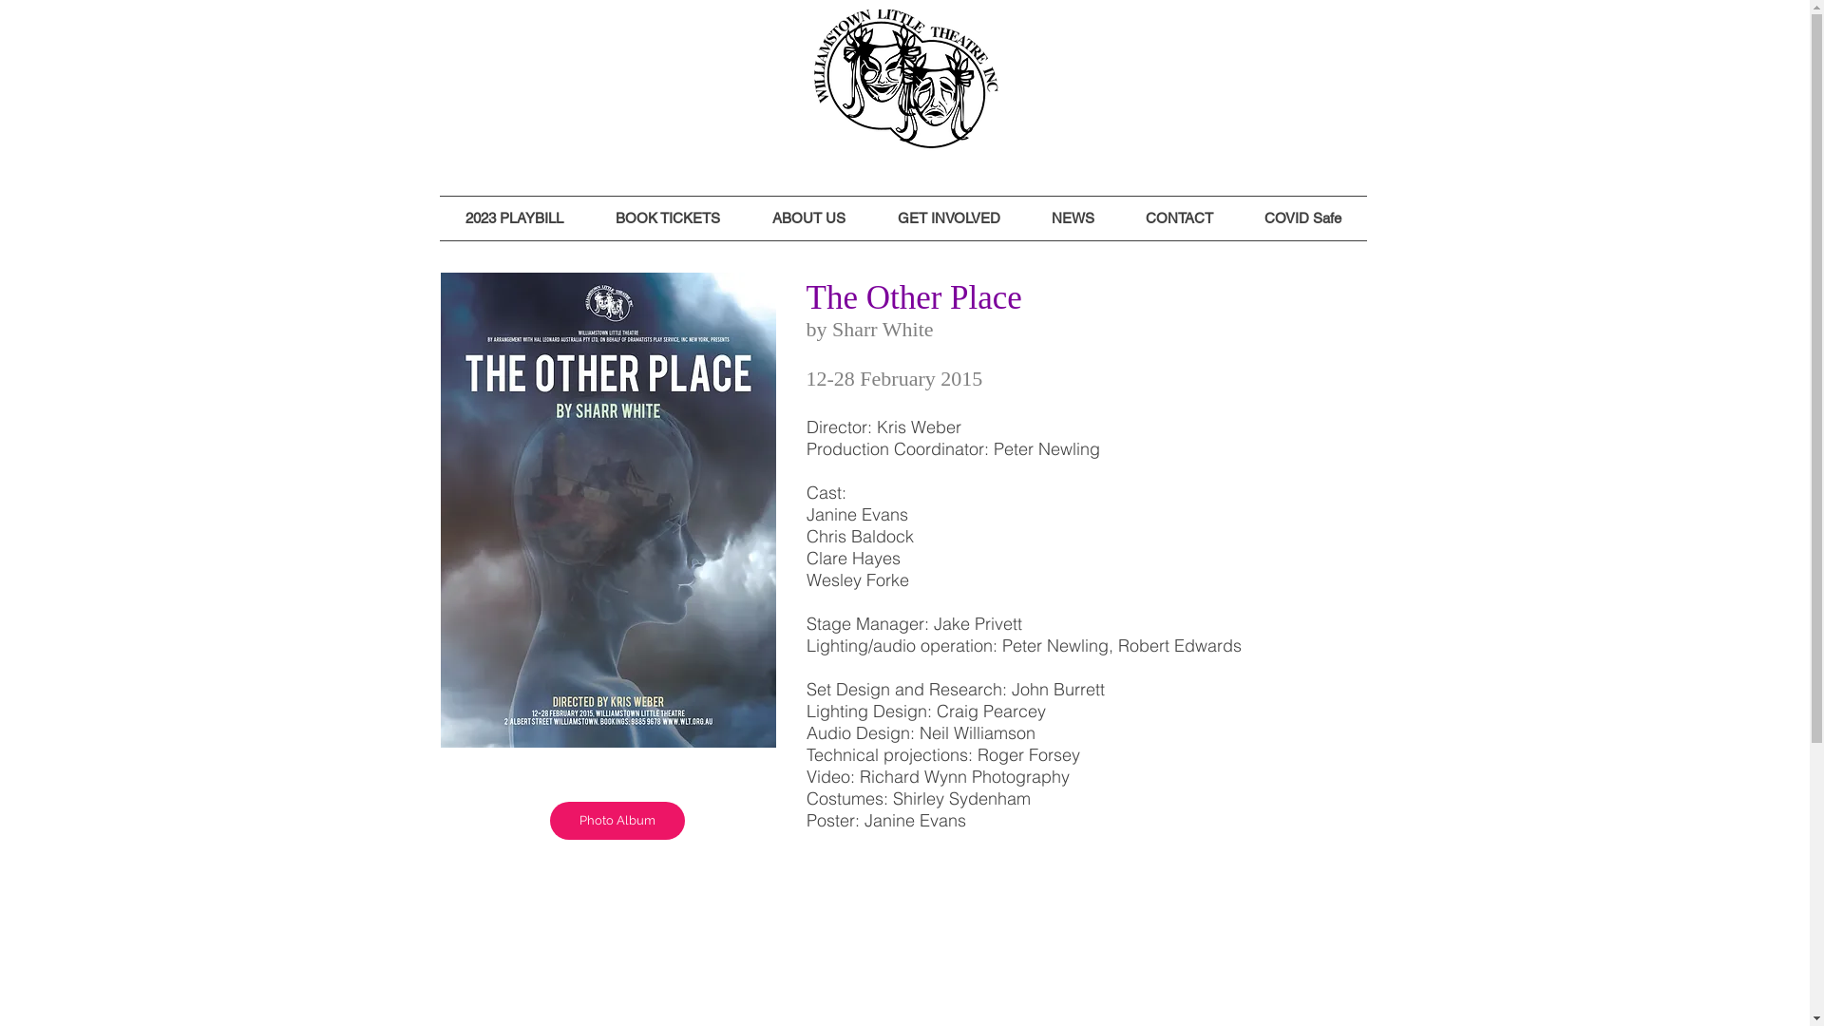 The height and width of the screenshot is (1026, 1824). What do you see at coordinates (1073, 218) in the screenshot?
I see `'NEWS'` at bounding box center [1073, 218].